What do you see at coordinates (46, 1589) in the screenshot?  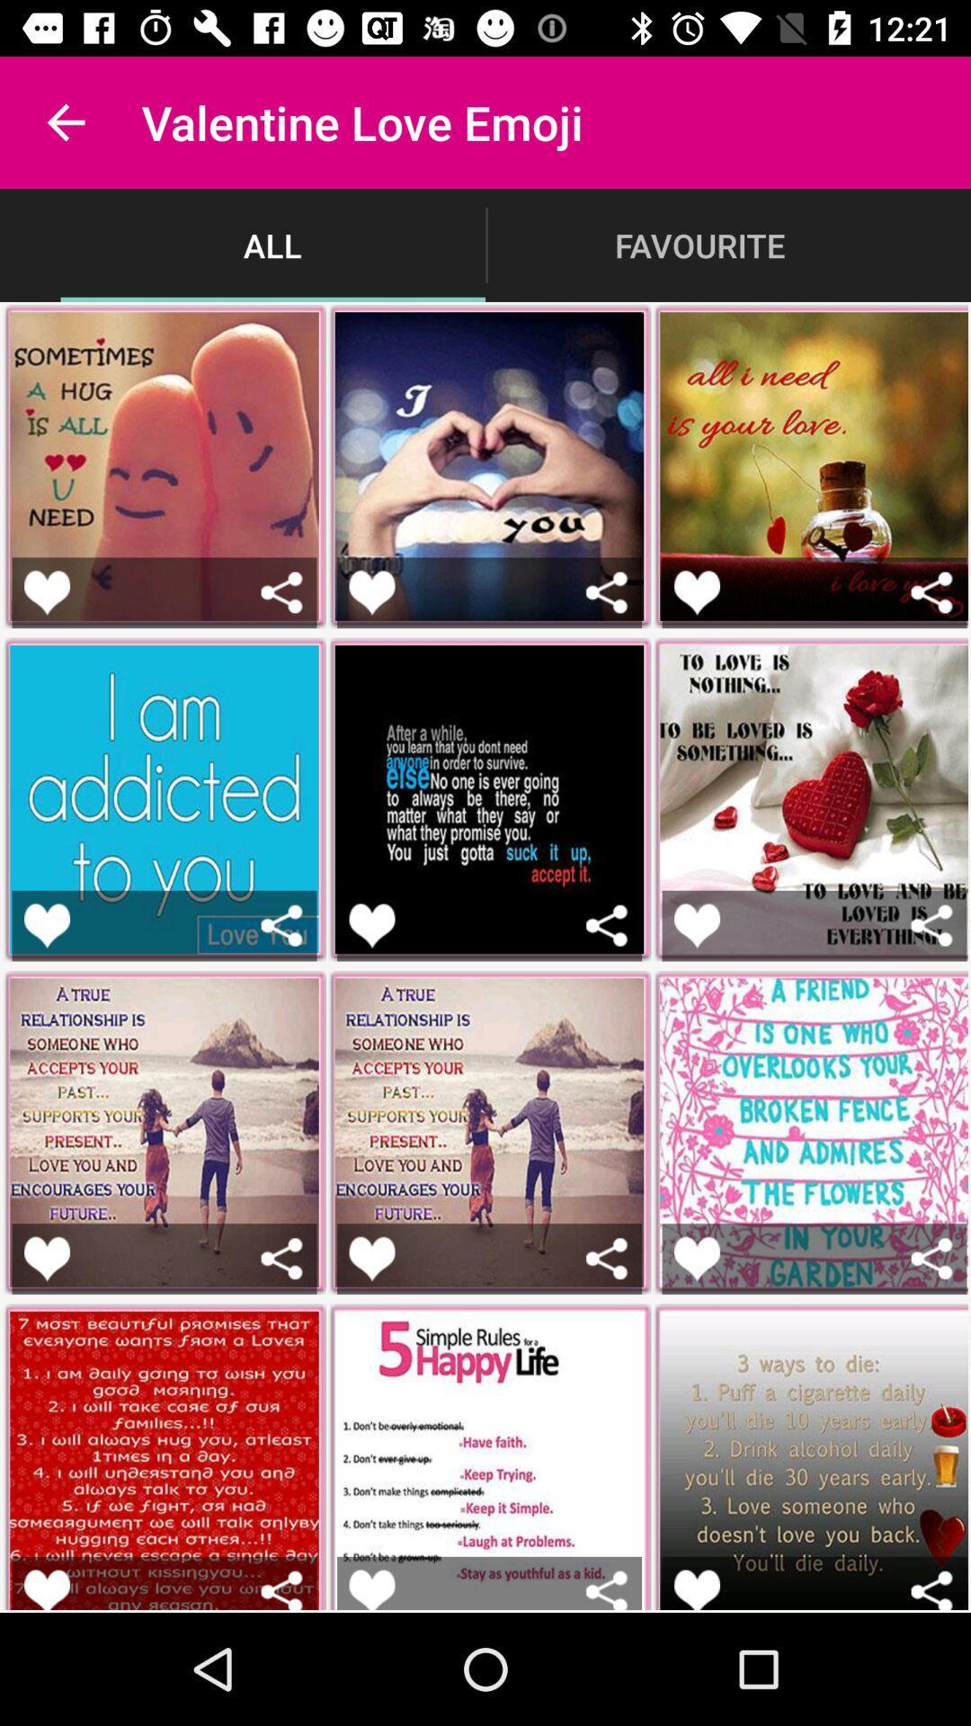 I see `the mem` at bounding box center [46, 1589].